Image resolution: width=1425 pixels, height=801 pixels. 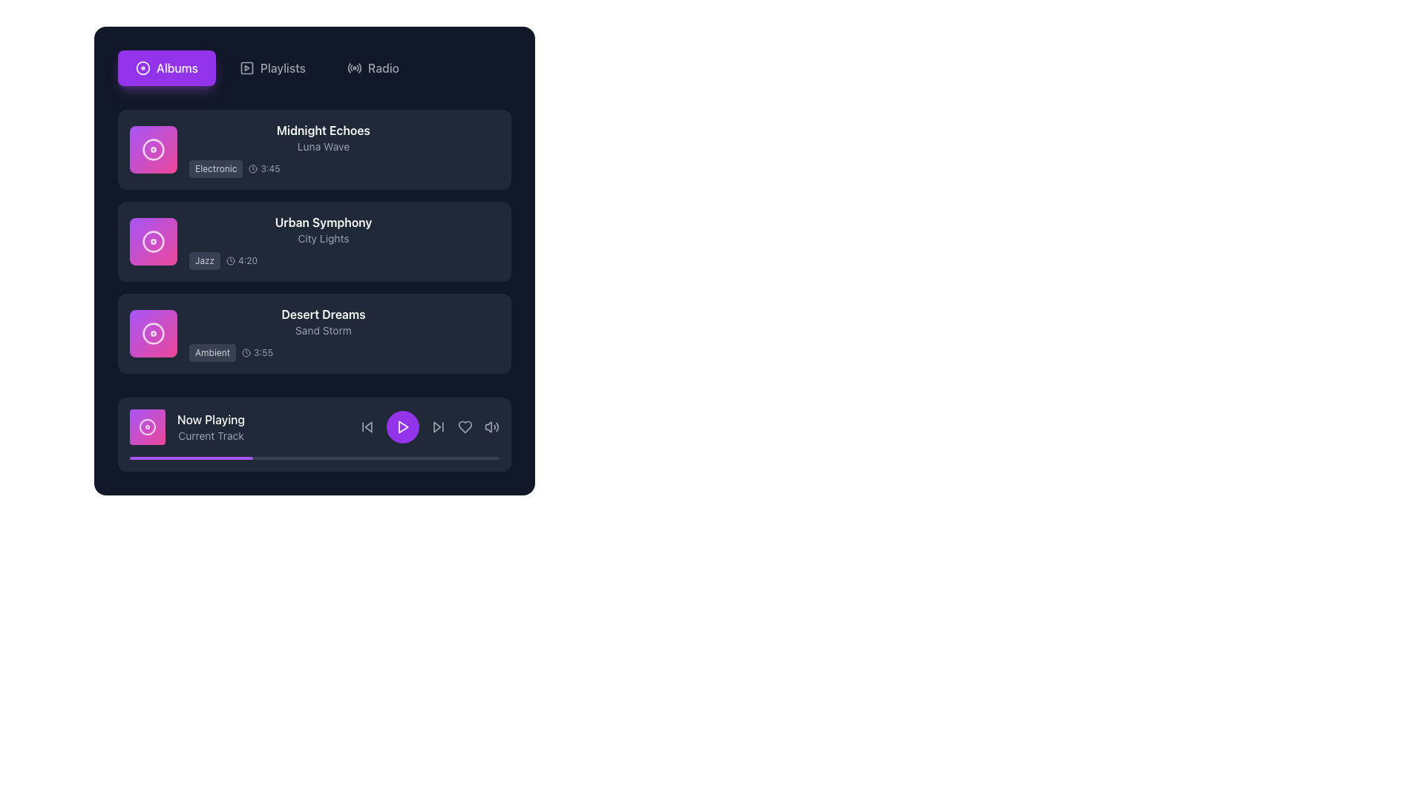 I want to click on the 'Play' button located on the right side of the 'Desert Dreams' track's section to initiate playback of the track, so click(x=484, y=334).